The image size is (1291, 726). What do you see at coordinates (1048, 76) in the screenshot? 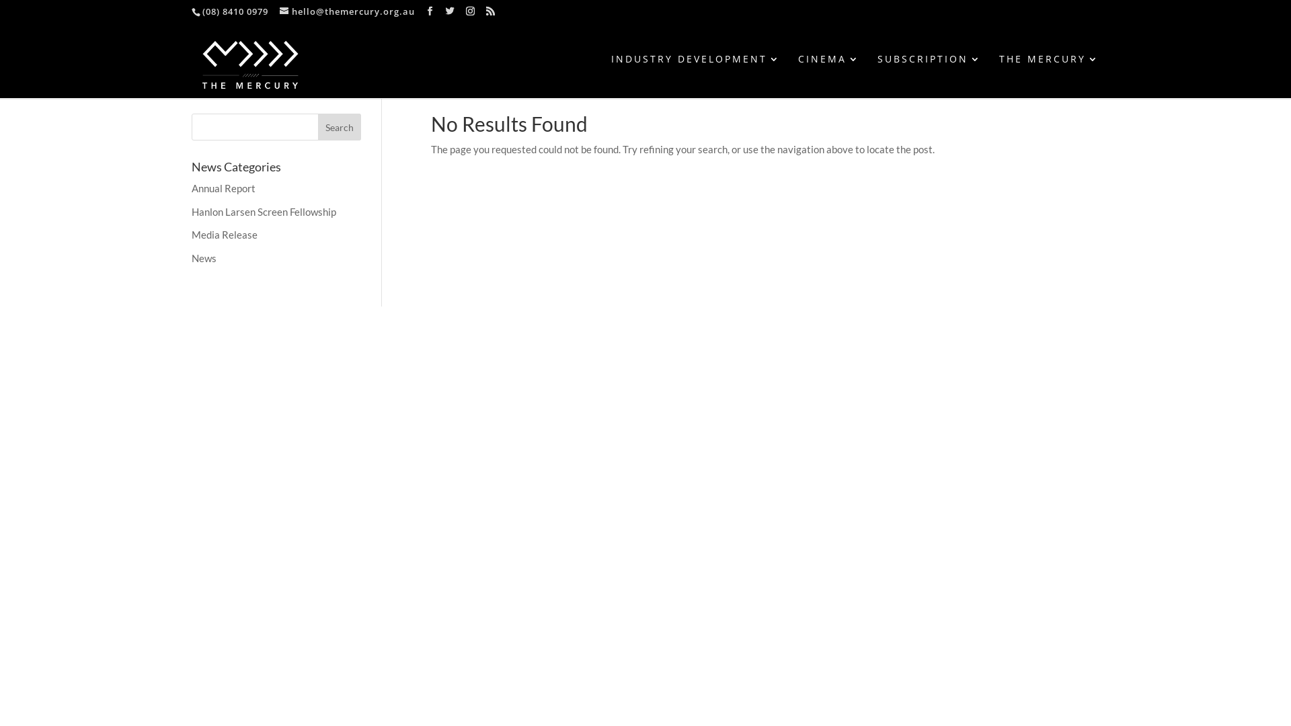
I see `'THE MERCURY'` at bounding box center [1048, 76].